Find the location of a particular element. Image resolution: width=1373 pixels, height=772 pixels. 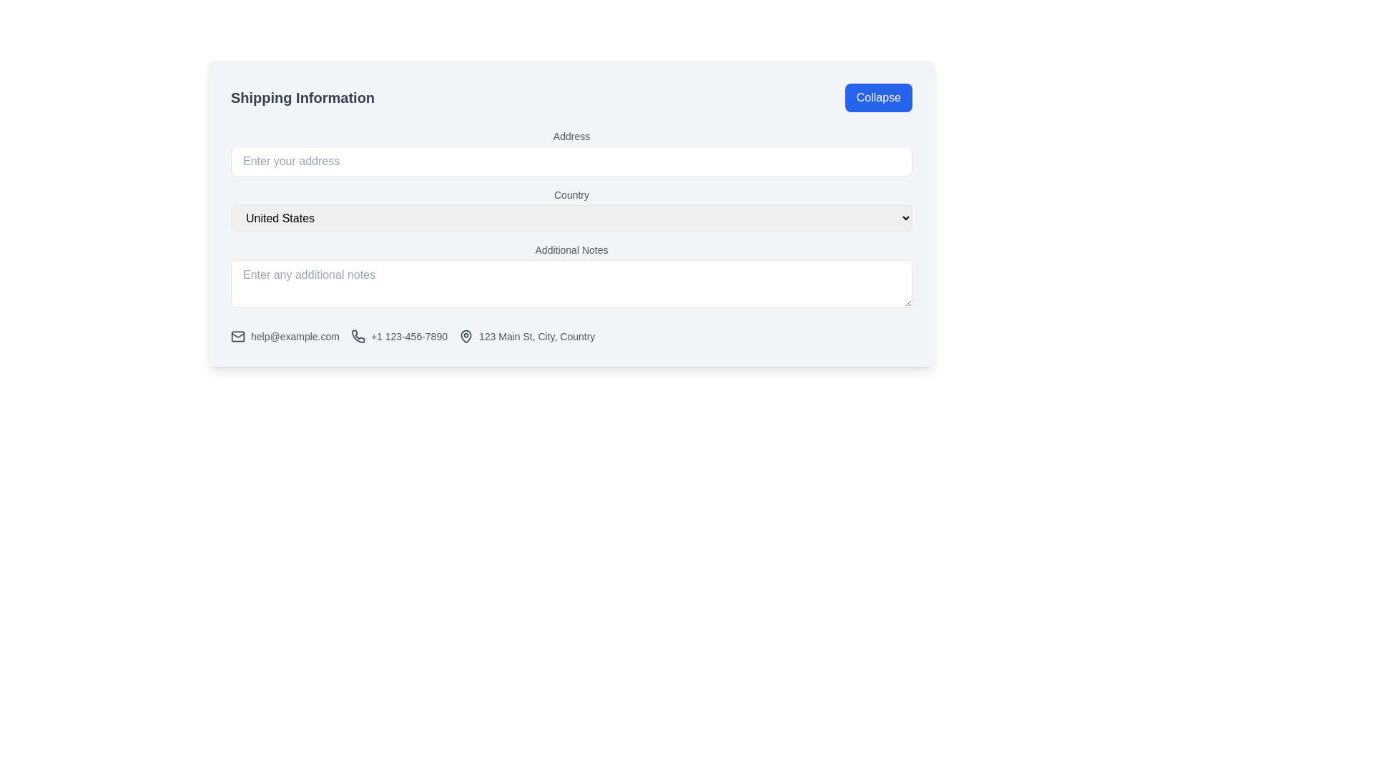

the static informational text displaying the phone number '+1 123-456-7890' located in the middle of three horizontally aligned elements at the bottom of the contact information section is located at coordinates (399, 336).